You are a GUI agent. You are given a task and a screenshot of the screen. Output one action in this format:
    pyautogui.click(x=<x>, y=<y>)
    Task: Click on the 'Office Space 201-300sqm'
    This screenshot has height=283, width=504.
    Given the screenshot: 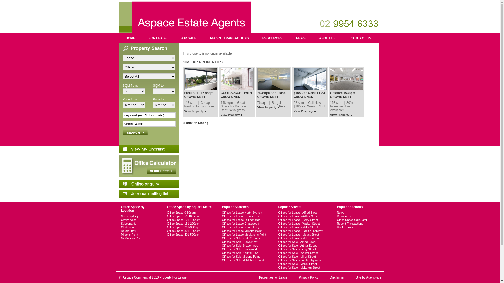 What is the action you would take?
    pyautogui.click(x=166, y=227)
    